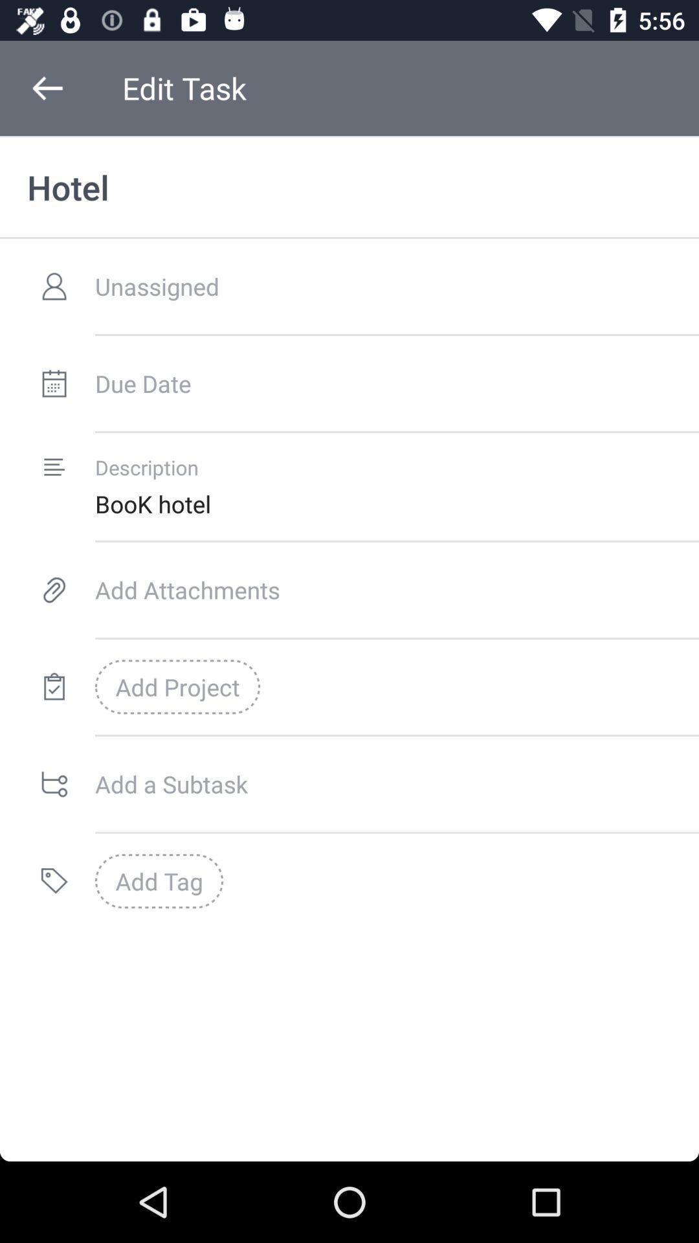 This screenshot has height=1243, width=699. Describe the element at coordinates (396, 503) in the screenshot. I see `the item below description item` at that location.